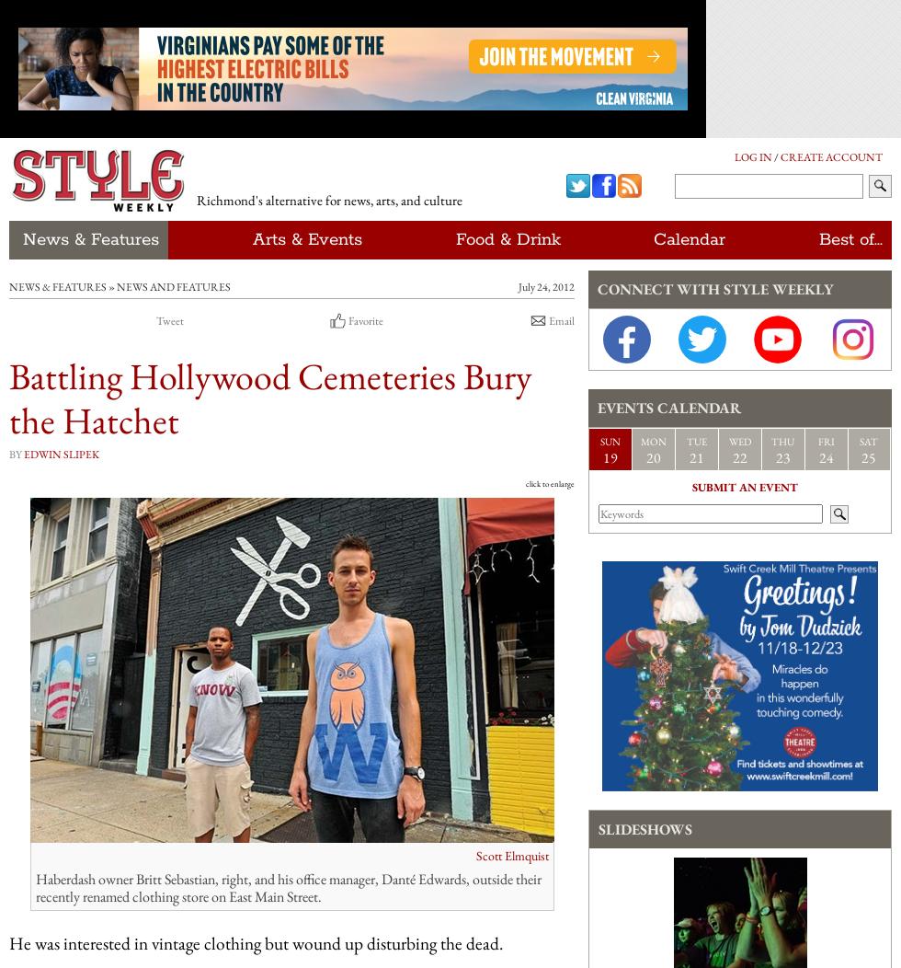 Image resolution: width=901 pixels, height=968 pixels. I want to click on '/', so click(776, 156).